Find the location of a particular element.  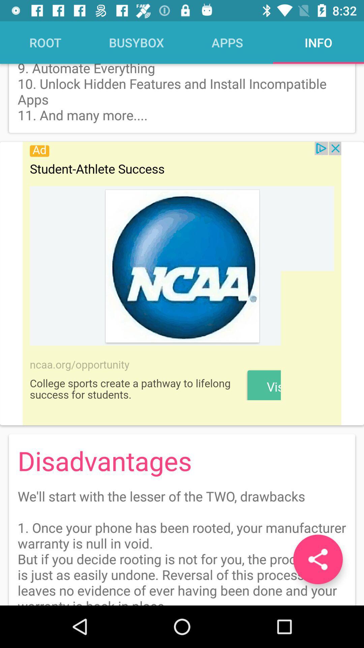

the share icon is located at coordinates (318, 559).